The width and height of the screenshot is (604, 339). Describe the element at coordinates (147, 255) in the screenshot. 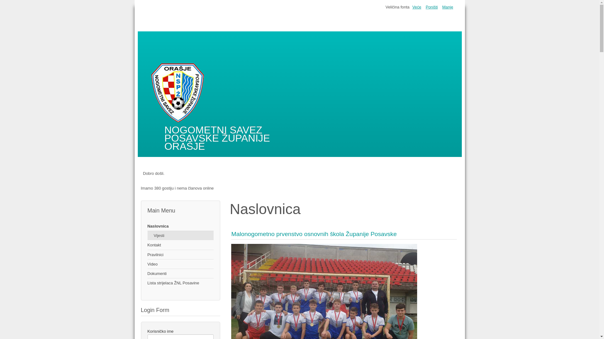

I see `'Pravilnici'` at that location.